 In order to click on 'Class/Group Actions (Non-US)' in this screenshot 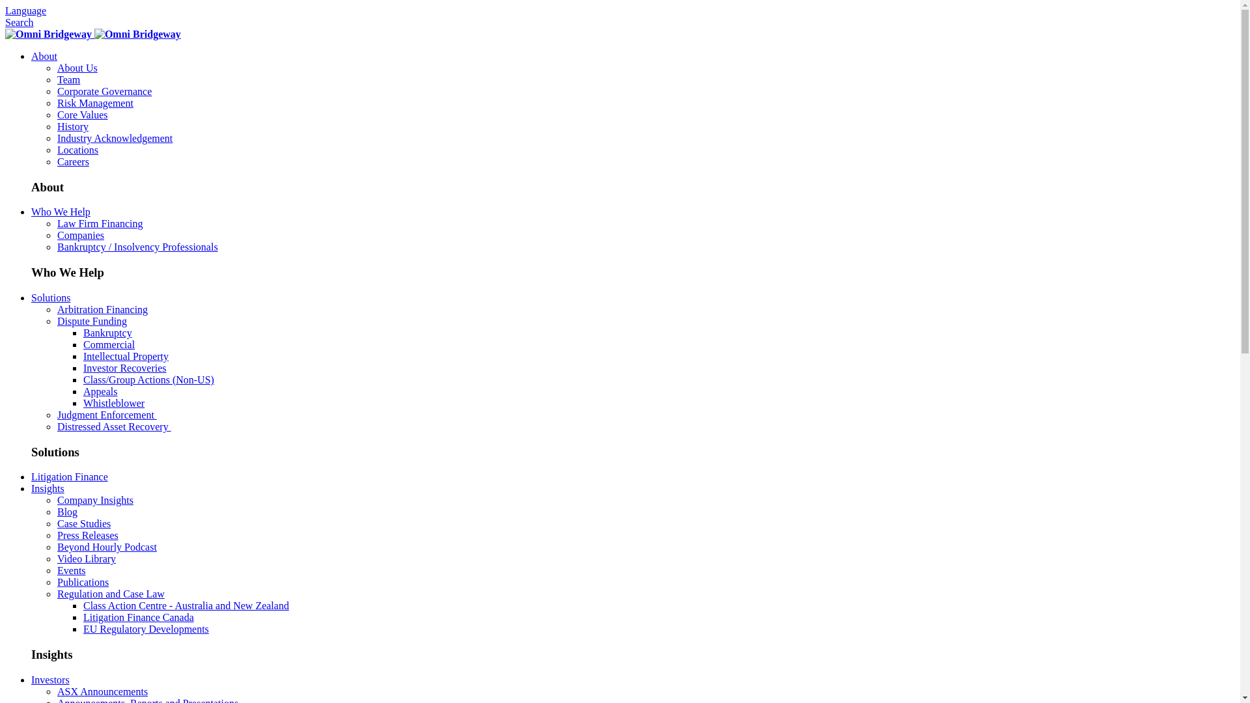, I will do `click(83, 379)`.